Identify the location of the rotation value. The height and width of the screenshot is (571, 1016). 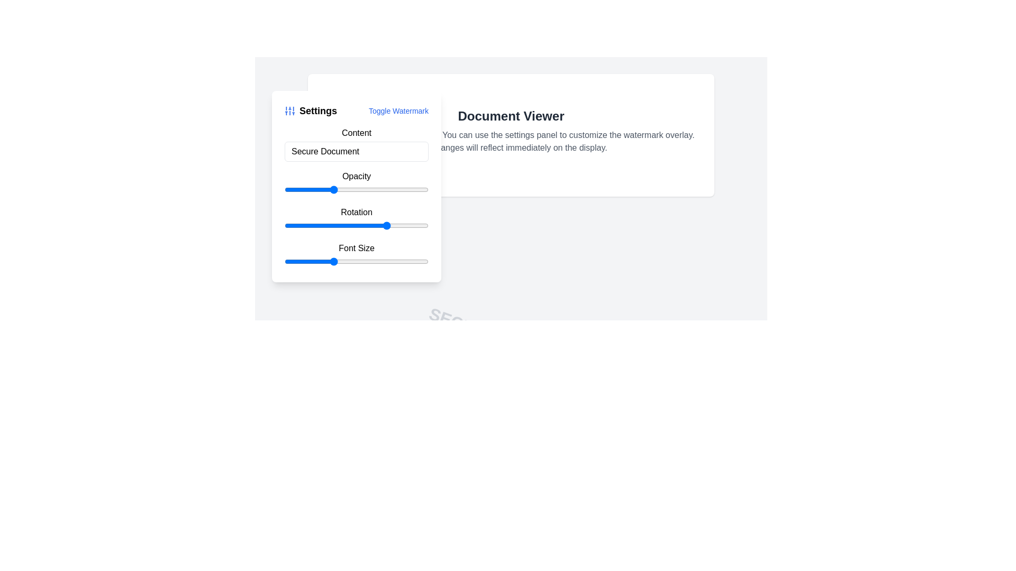
(298, 225).